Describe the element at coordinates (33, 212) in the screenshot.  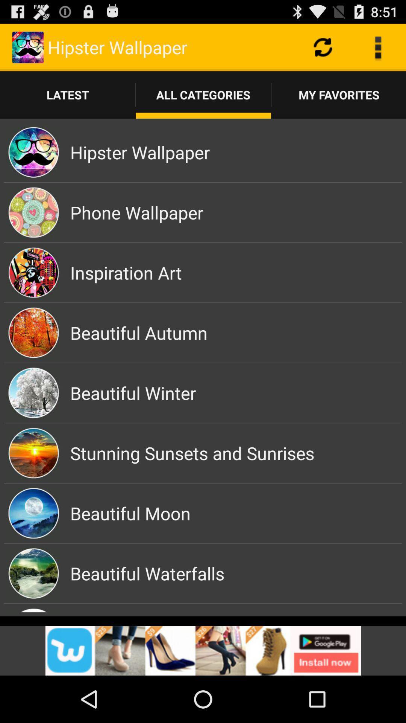
I see `the image which is left side of the phone wallpaper` at that location.